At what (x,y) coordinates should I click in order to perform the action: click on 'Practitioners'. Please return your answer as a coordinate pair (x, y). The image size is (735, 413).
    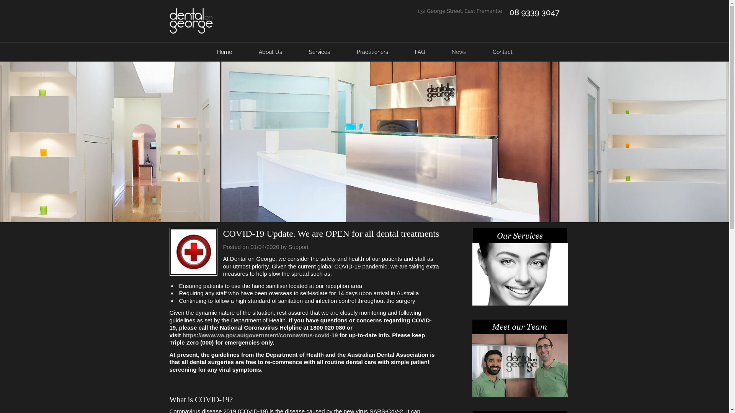
    Looking at the image, I should click on (372, 52).